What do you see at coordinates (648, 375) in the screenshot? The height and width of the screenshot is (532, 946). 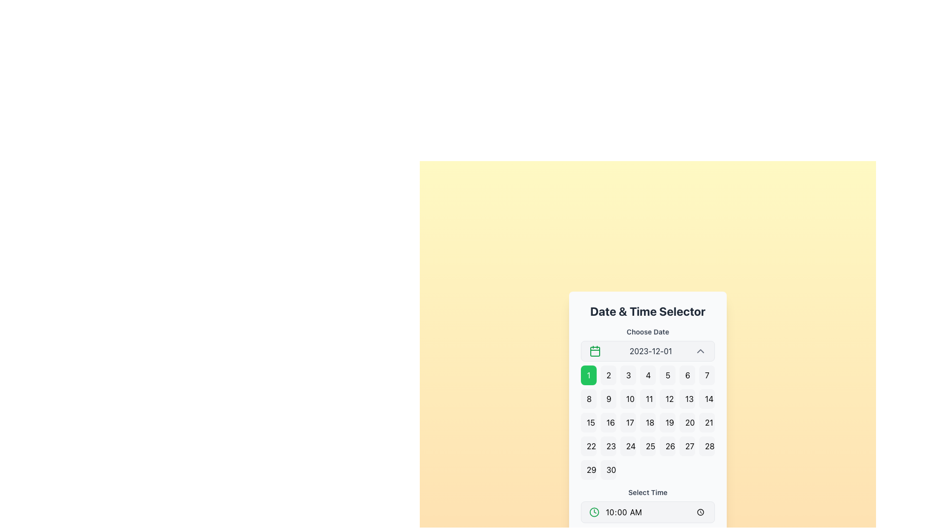 I see `the button representing the 4th day of the month` at bounding box center [648, 375].